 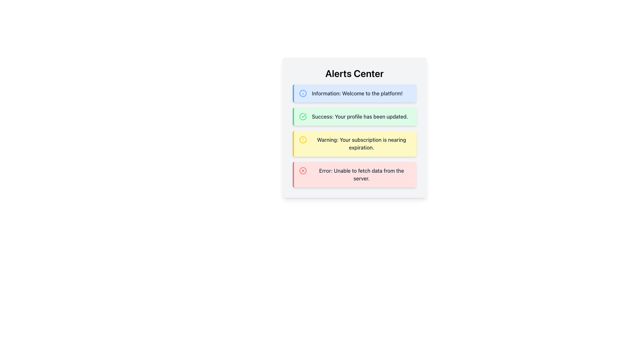 What do you see at coordinates (302, 140) in the screenshot?
I see `the circular outline within the yellow notification box that contains the text 'Warning: Your subscription is nearing expiration.'` at bounding box center [302, 140].